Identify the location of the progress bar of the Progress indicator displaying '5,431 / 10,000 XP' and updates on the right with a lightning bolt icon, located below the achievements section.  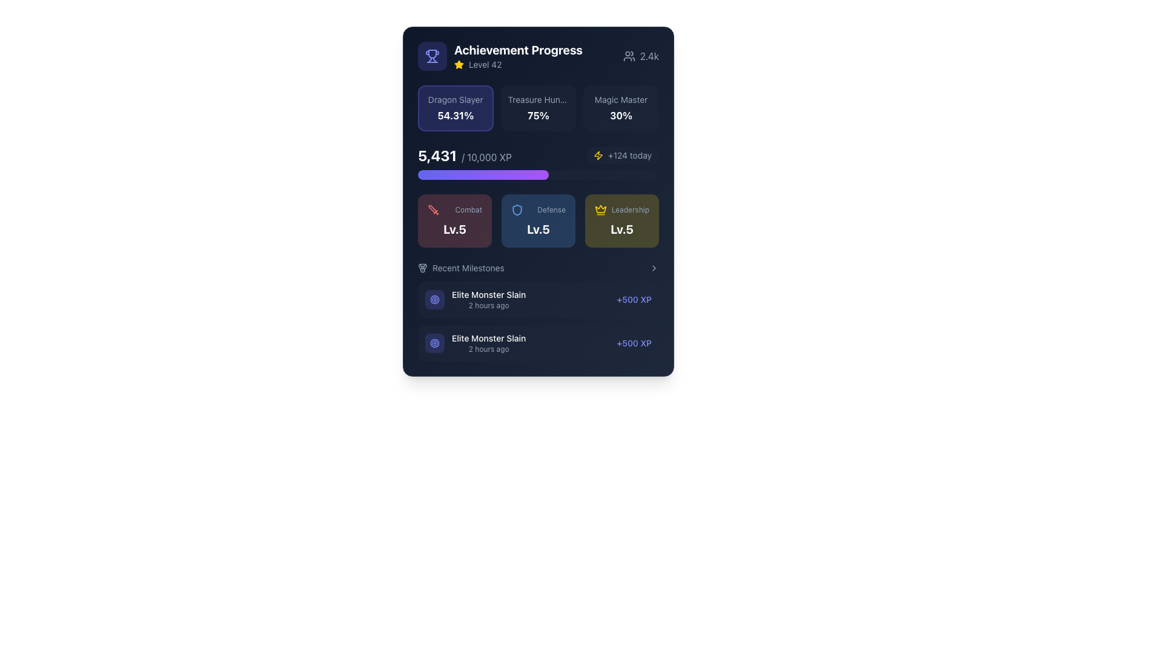
(537, 162).